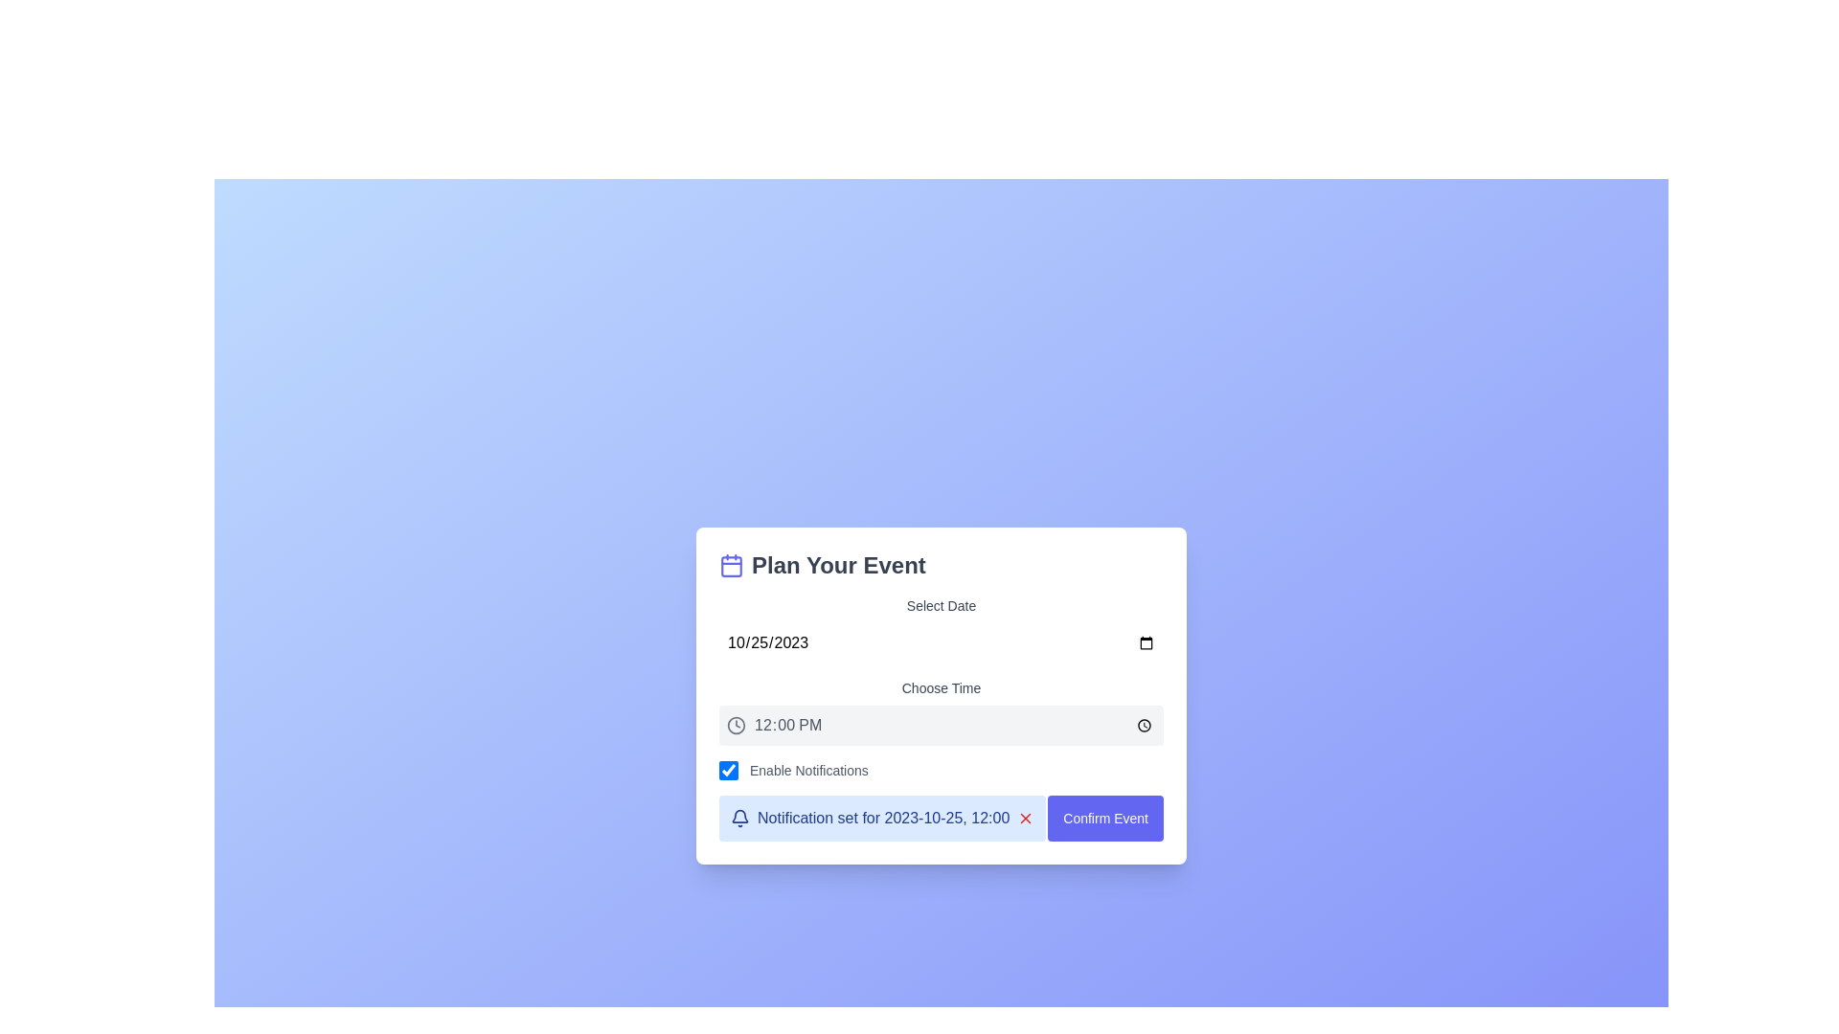 The image size is (1839, 1034). What do you see at coordinates (1025, 819) in the screenshot?
I see `the dismiss notification button located at the bottom of the central card` at bounding box center [1025, 819].